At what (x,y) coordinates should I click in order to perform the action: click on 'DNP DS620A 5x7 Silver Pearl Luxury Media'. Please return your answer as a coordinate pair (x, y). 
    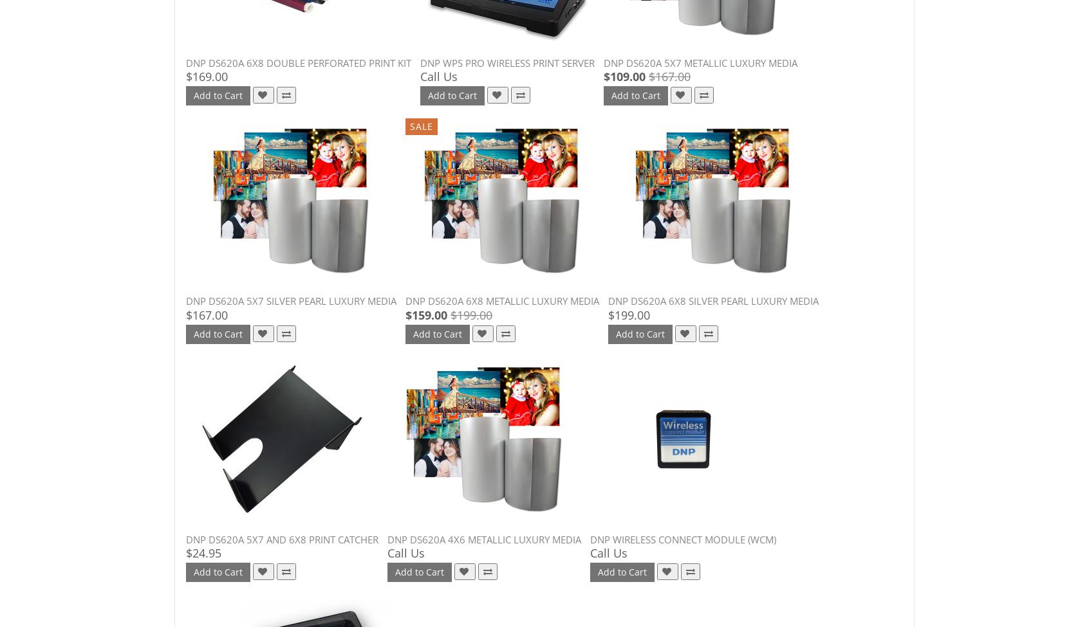
    Looking at the image, I should click on (290, 301).